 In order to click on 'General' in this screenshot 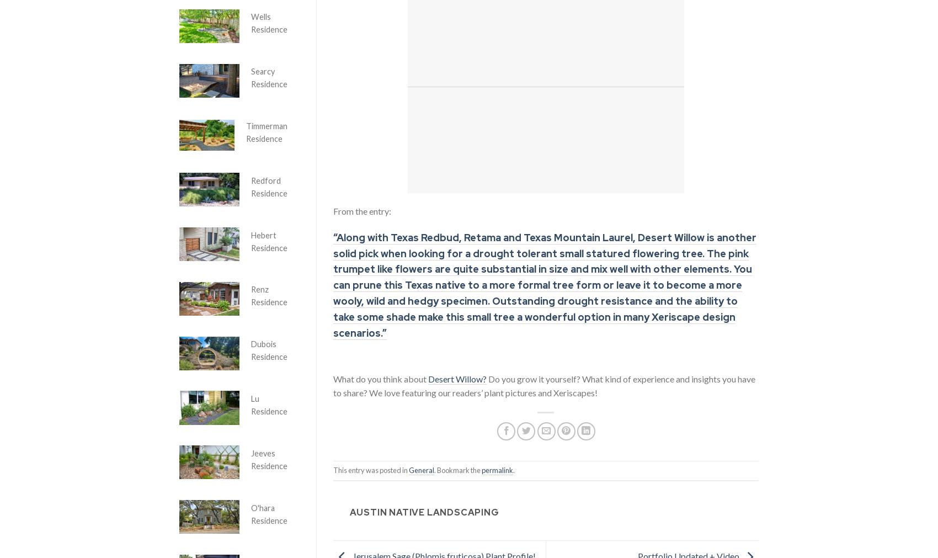, I will do `click(420, 470)`.